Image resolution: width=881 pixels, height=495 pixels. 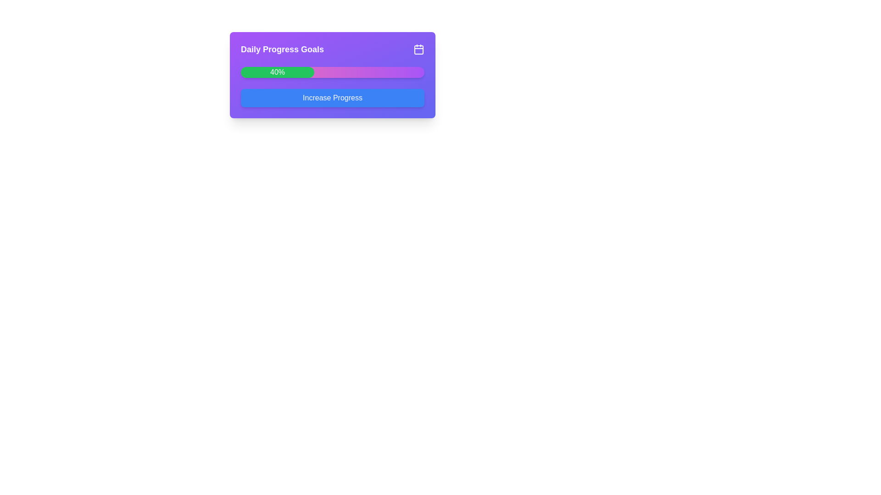 I want to click on progress percentage from the progress bar styled with a gradient background, indicating '40%' within its area, so click(x=332, y=72).